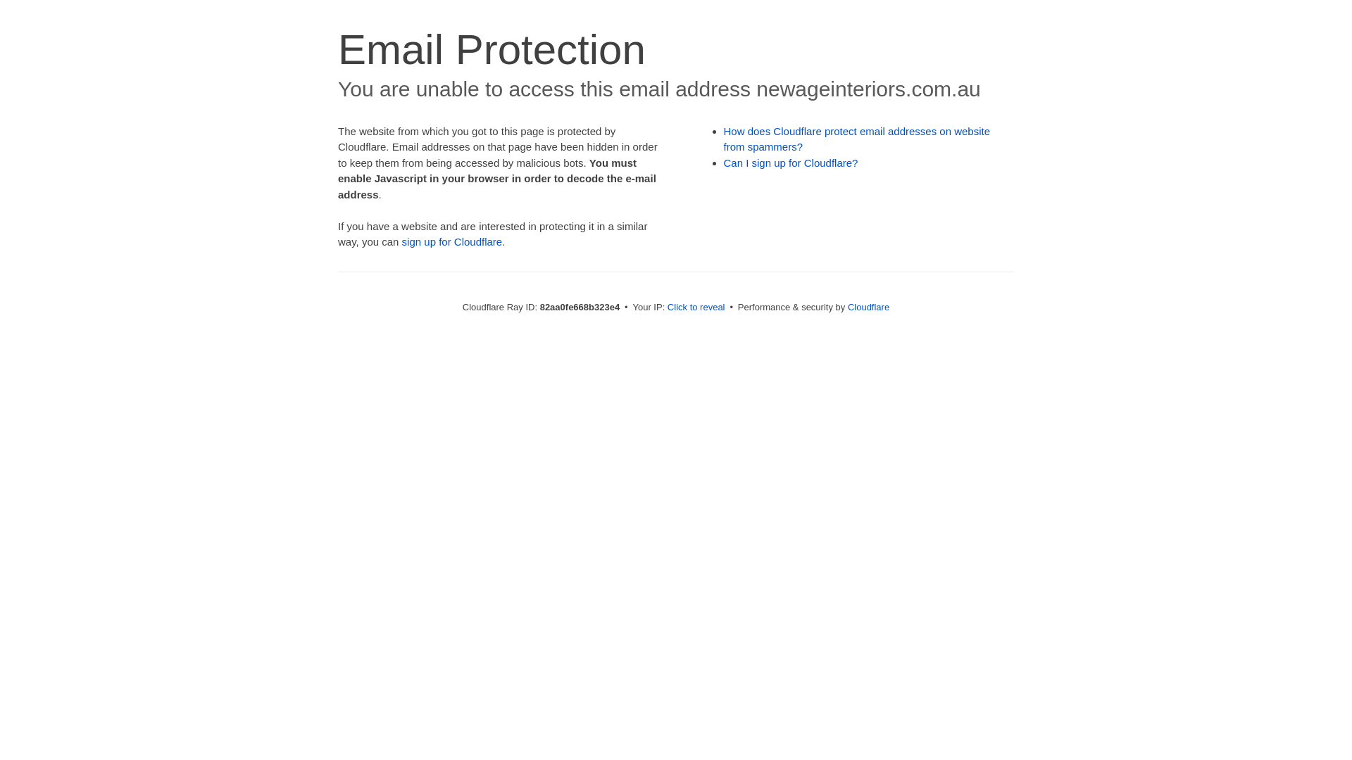 The image size is (1352, 760). What do you see at coordinates (452, 241) in the screenshot?
I see `'sign up for Cloudflare'` at bounding box center [452, 241].